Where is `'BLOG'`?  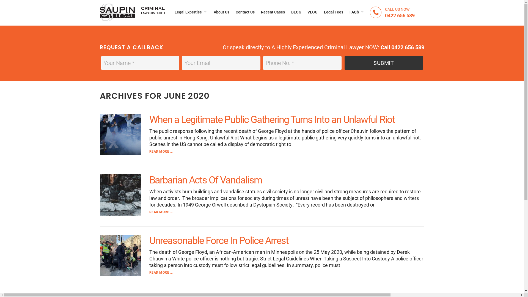
'BLOG' is located at coordinates (296, 12).